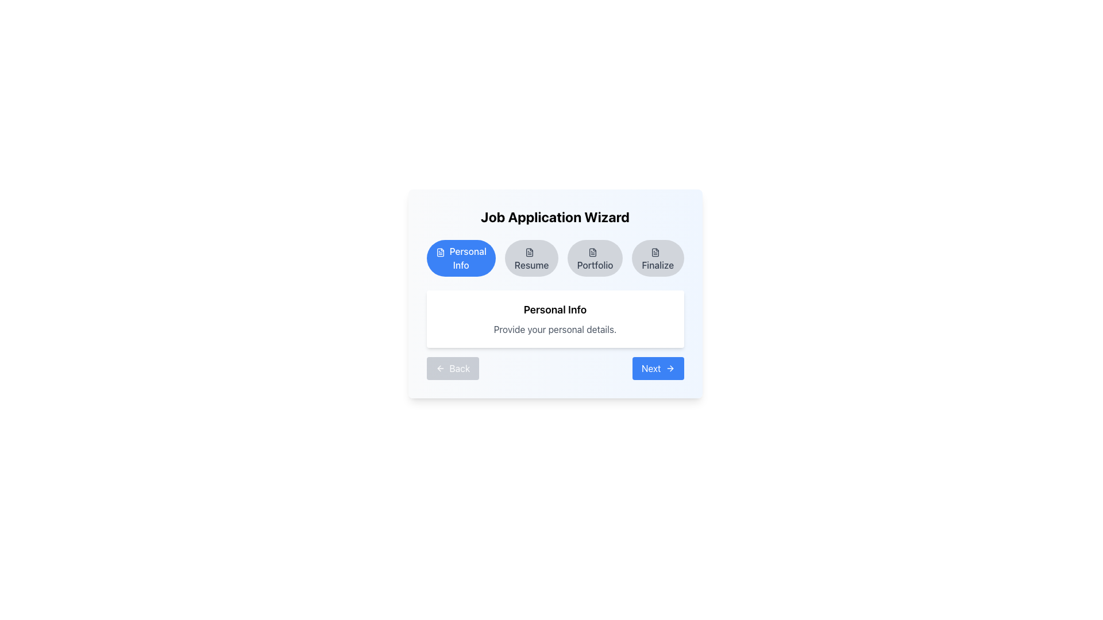 This screenshot has width=1103, height=620. What do you see at coordinates (671, 368) in the screenshot?
I see `the SVG icon component of the 'Next' button located at the bottom-right of the interface` at bounding box center [671, 368].